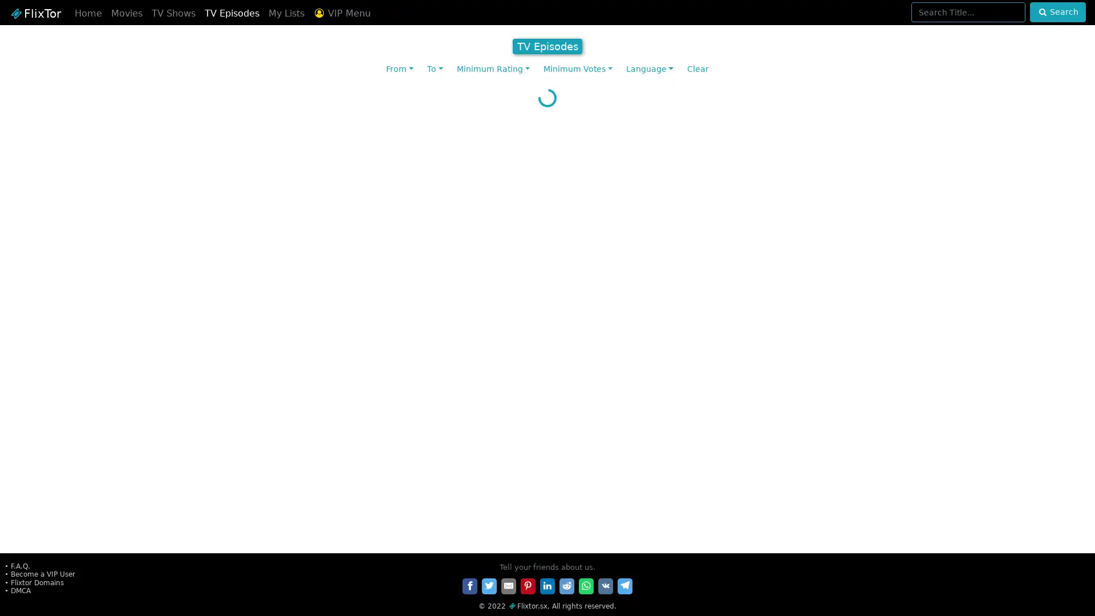 This screenshot has width=1095, height=616. Describe the element at coordinates (482, 394) in the screenshot. I see `Watch Now` at that location.